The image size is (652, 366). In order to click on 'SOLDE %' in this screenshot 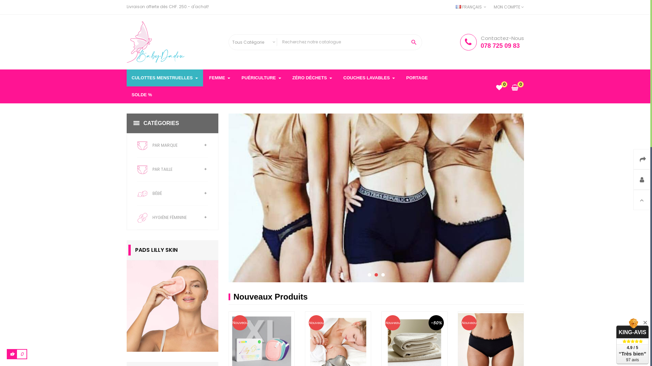, I will do `click(141, 95)`.